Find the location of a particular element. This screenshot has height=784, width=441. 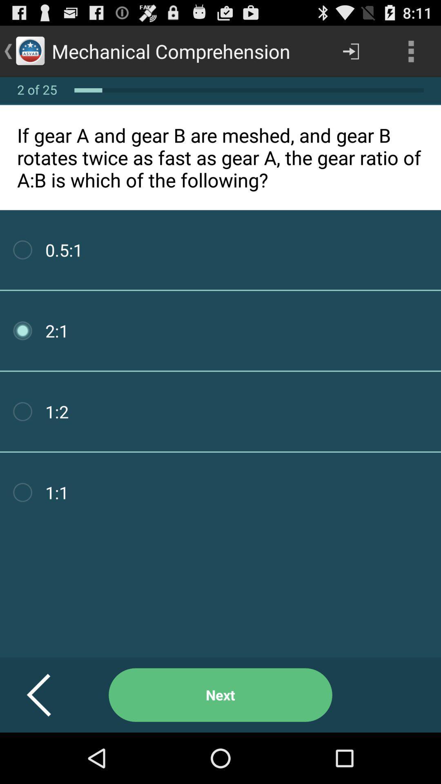

icon to the right of the mechanical comprehension icon is located at coordinates (350, 51).